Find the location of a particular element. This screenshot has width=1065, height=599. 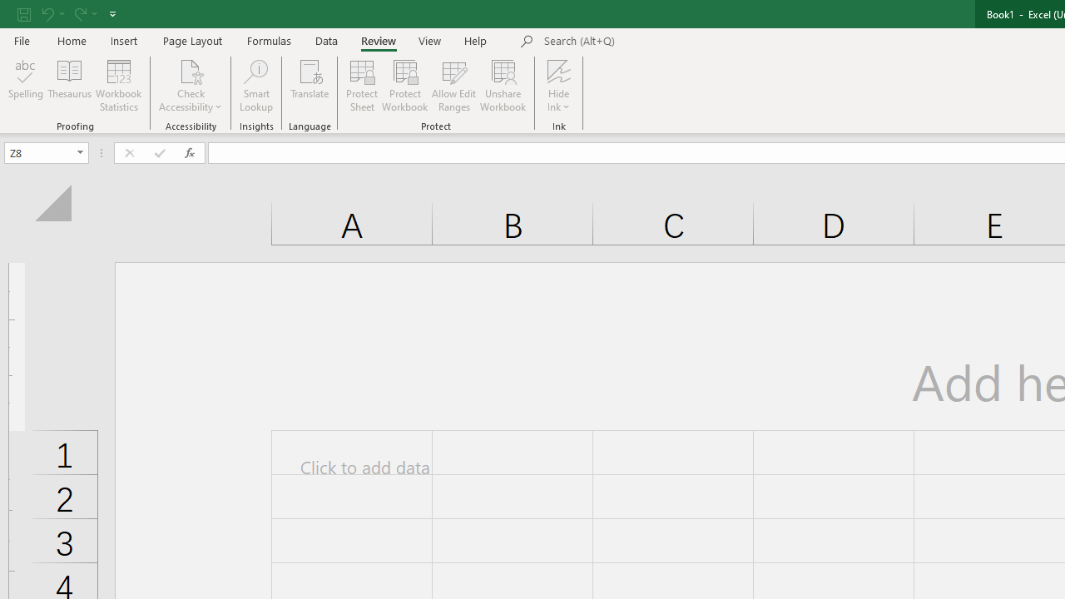

'Microsoft search' is located at coordinates (658, 41).